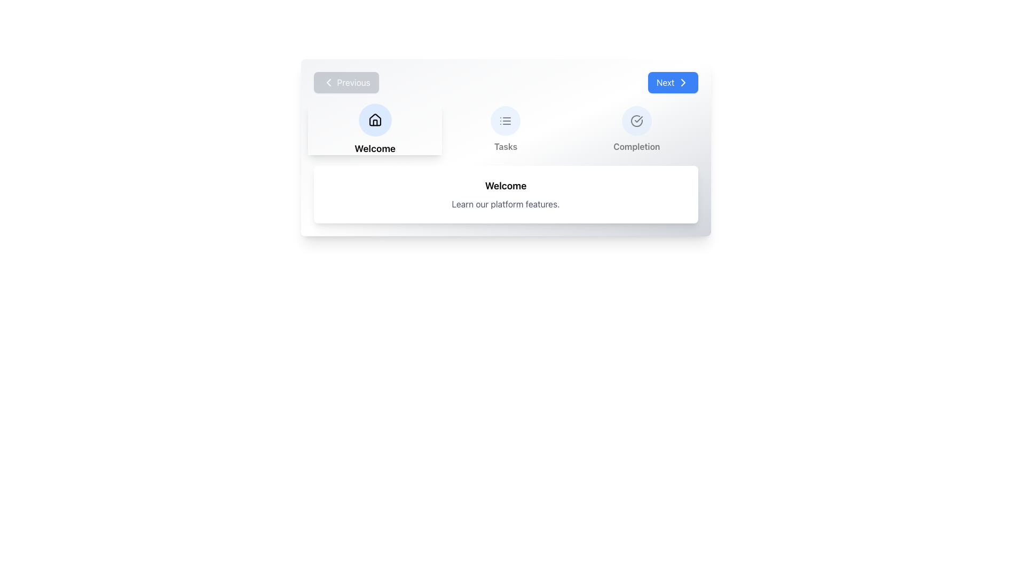 The width and height of the screenshot is (1025, 576). I want to click on the text label displaying 'Welcome', which is bold, centered, and located at the upper section of a rounded box, so click(505, 185).